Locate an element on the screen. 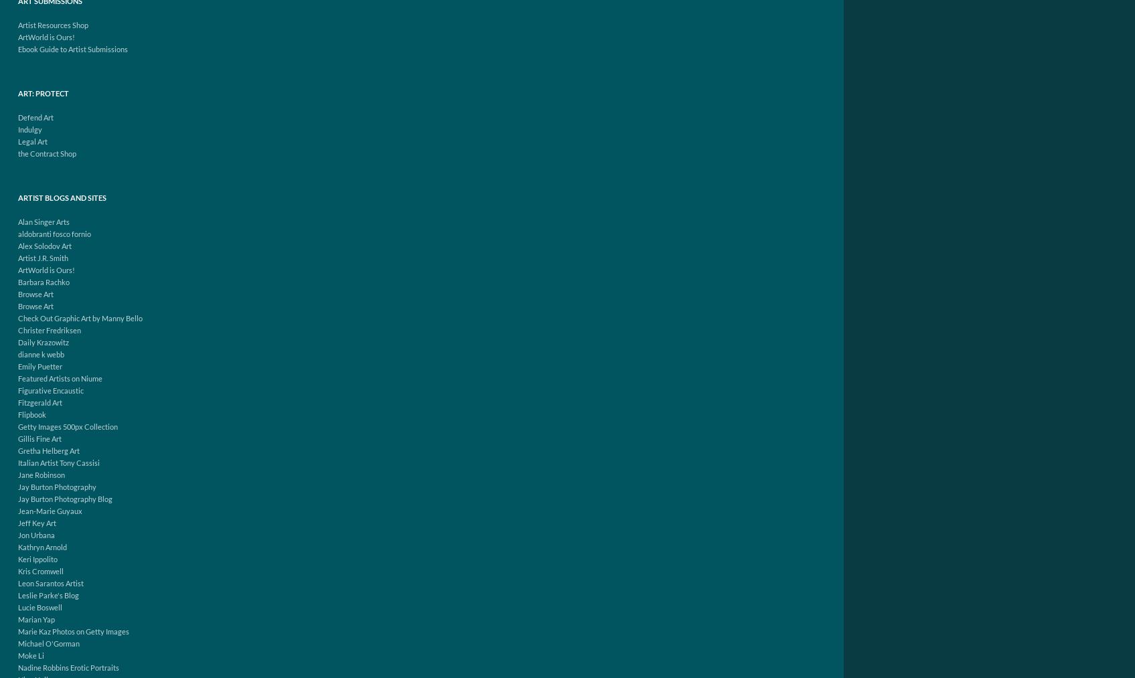  'Michael O'Gorman' is located at coordinates (48, 643).